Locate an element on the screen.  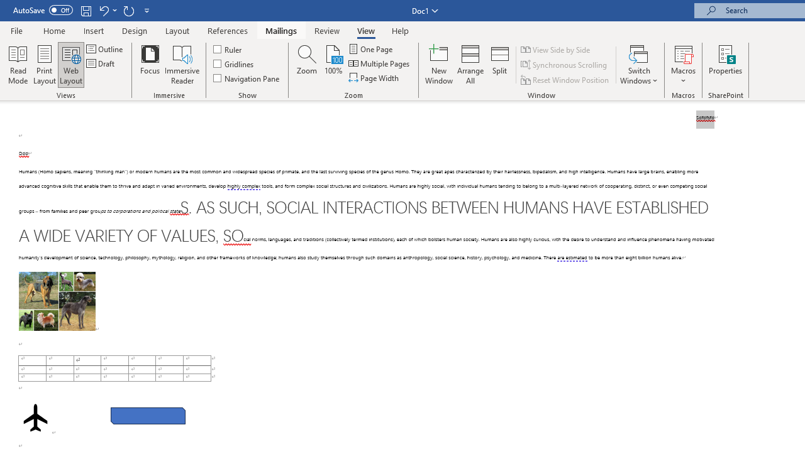
'Split' is located at coordinates (499, 65).